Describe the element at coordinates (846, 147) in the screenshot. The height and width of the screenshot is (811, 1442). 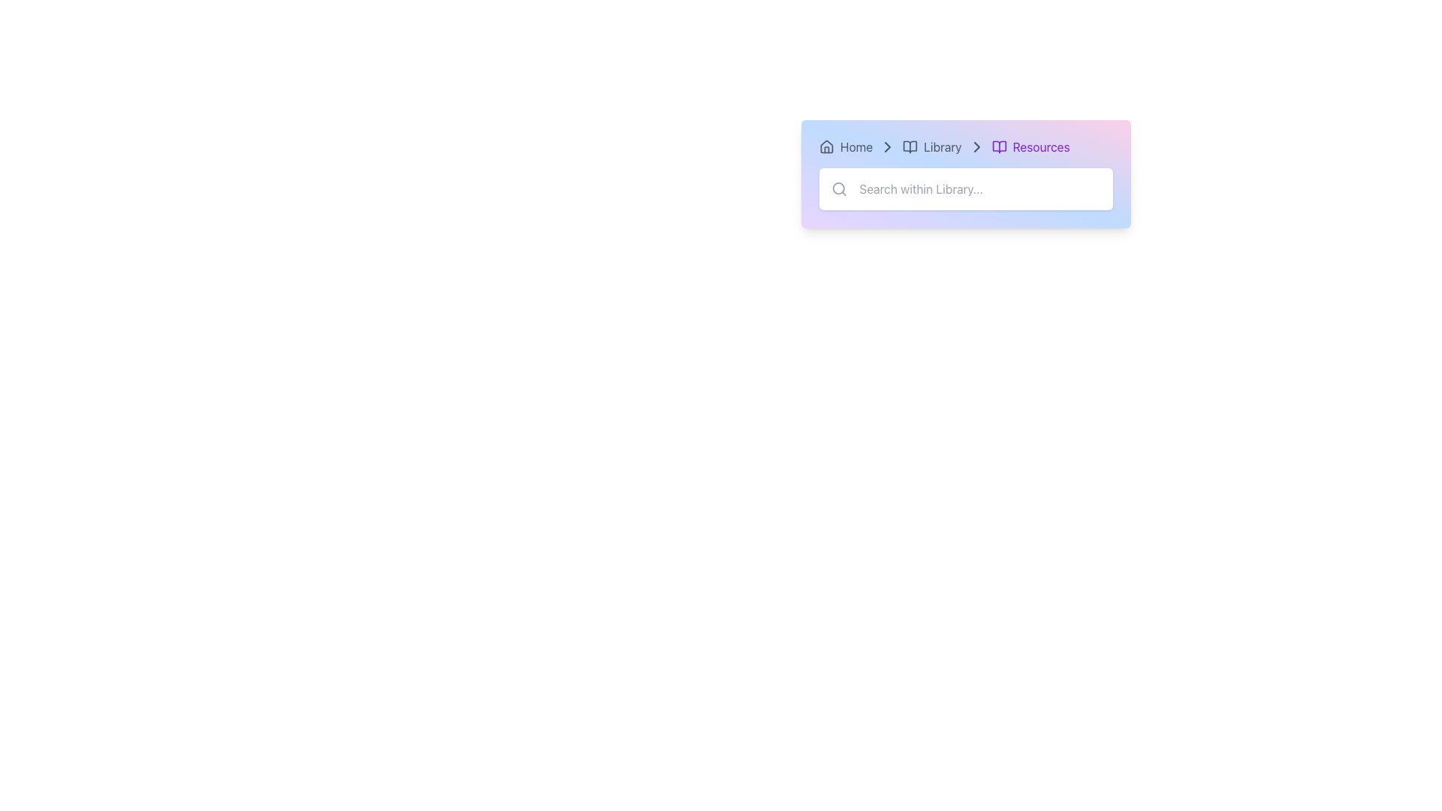
I see `the breadcrumb link that allows navigation to the homepage, located at the top section of the interface` at that location.